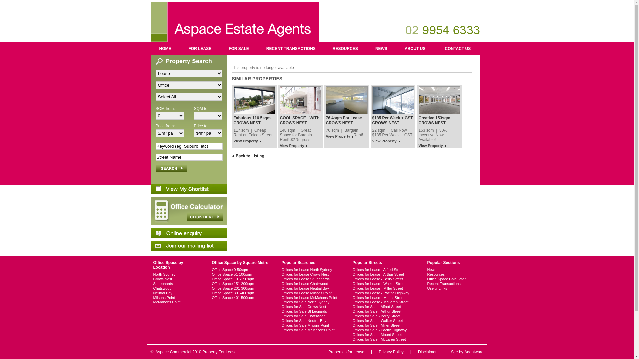  Describe the element at coordinates (436, 48) in the screenshot. I see `'CONTACT US'` at that location.